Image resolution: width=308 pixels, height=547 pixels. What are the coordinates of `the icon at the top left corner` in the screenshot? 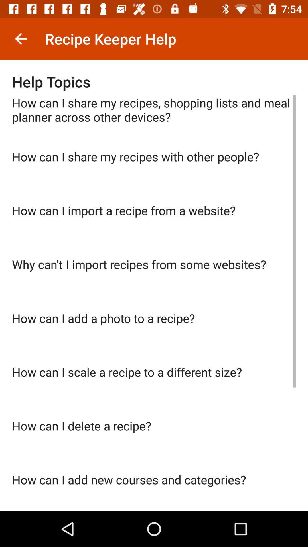 It's located at (21, 38).